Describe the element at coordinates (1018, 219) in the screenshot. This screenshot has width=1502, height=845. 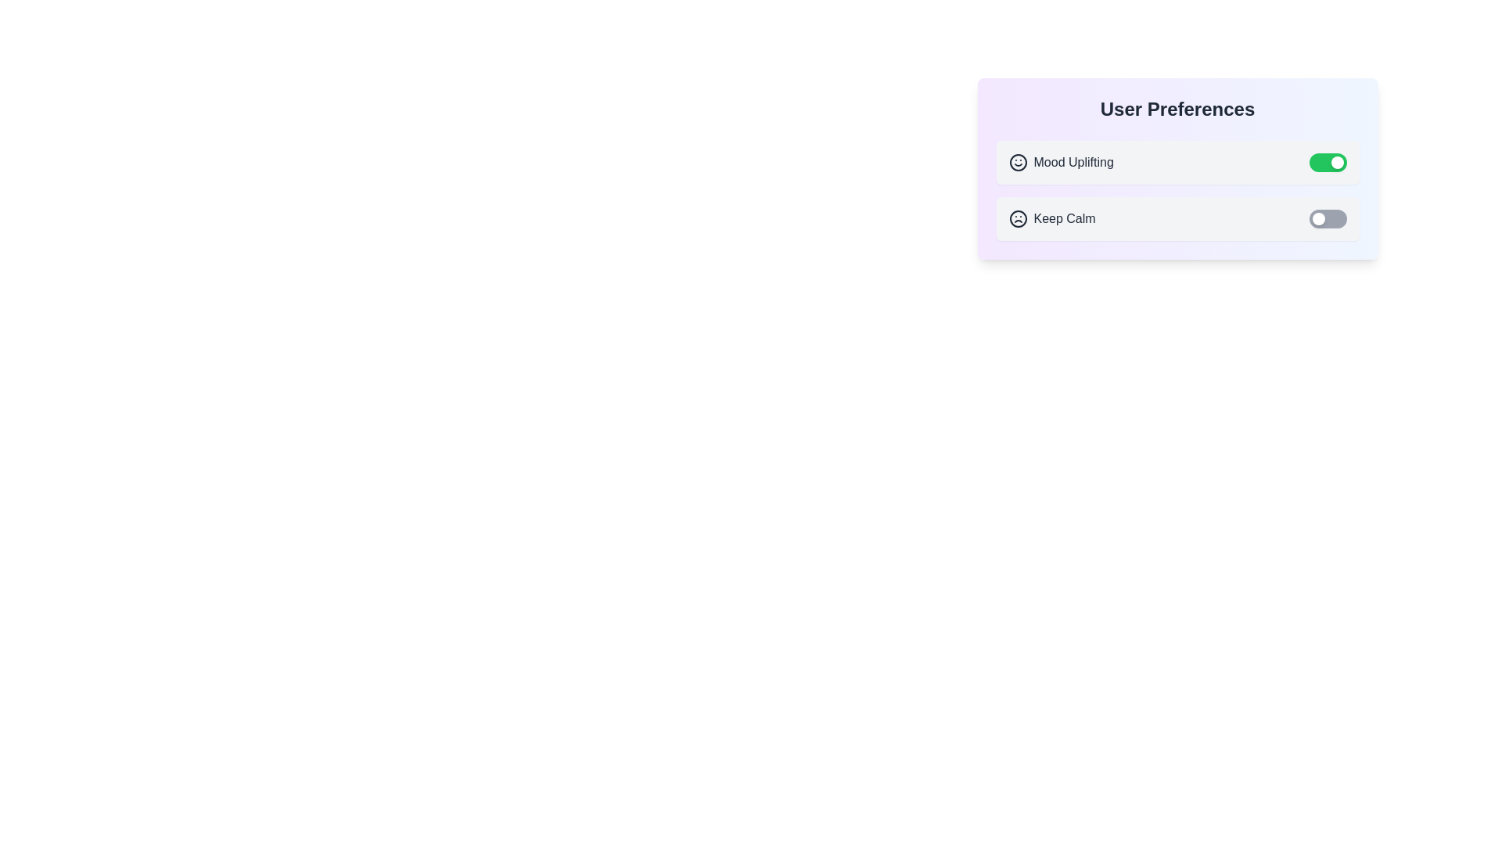
I see `the decorative Circle graphic within the frowning icon located in the User Preferences section, which is to the left of the 'Keep Calm' text` at that location.